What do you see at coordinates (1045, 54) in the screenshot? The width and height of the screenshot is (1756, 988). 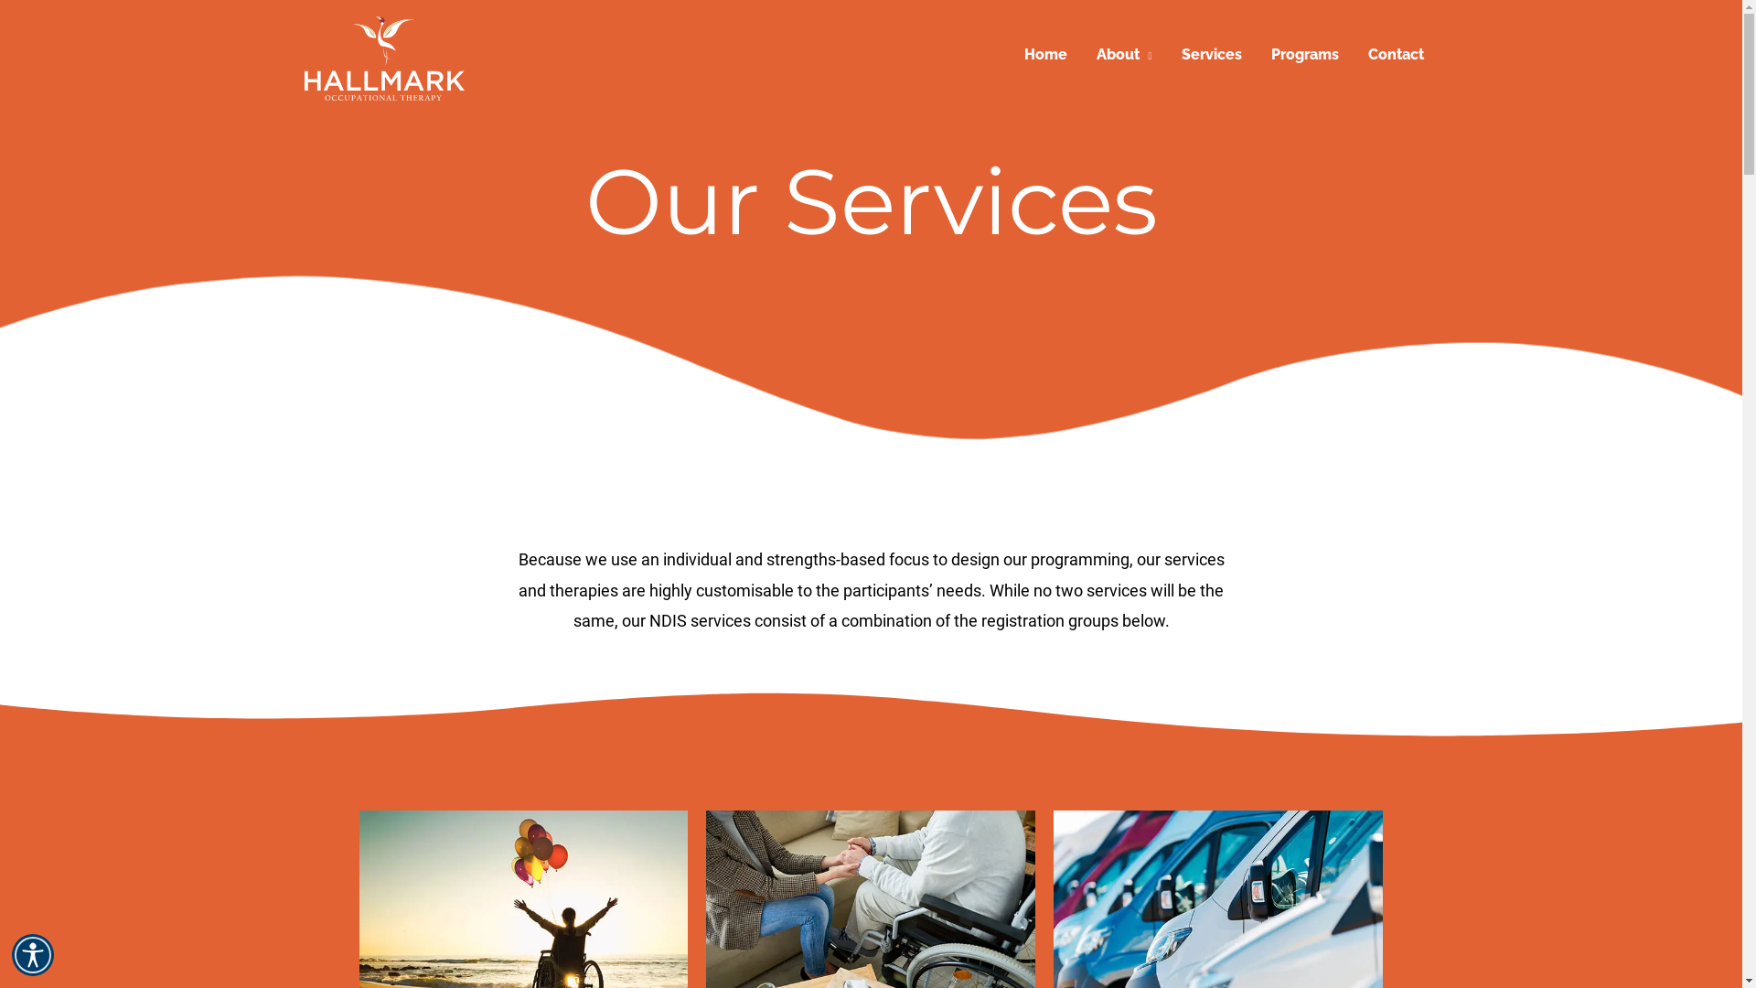 I see `'Home'` at bounding box center [1045, 54].